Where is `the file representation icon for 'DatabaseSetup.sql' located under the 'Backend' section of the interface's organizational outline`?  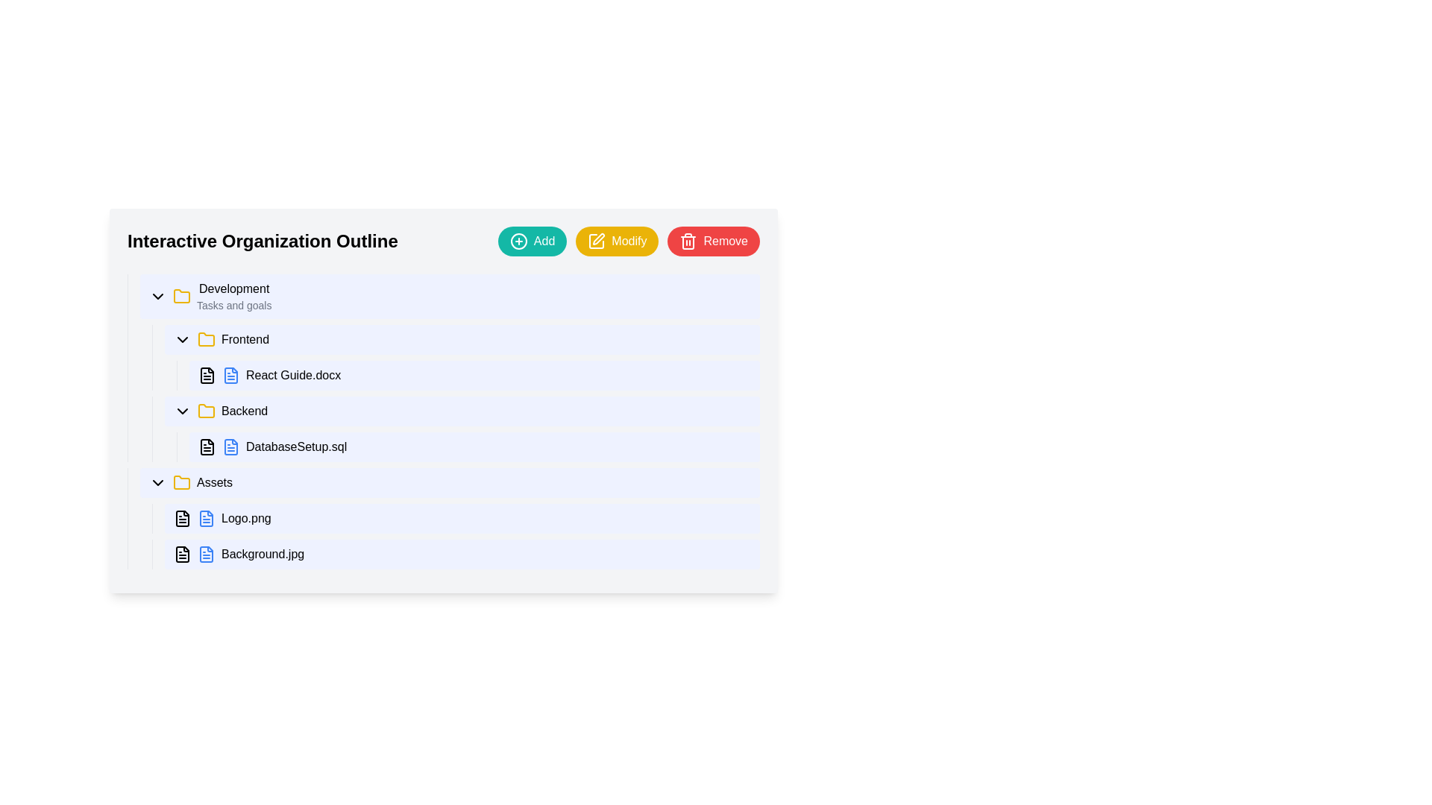 the file representation icon for 'DatabaseSetup.sql' located under the 'Backend' section of the interface's organizational outline is located at coordinates (230, 446).